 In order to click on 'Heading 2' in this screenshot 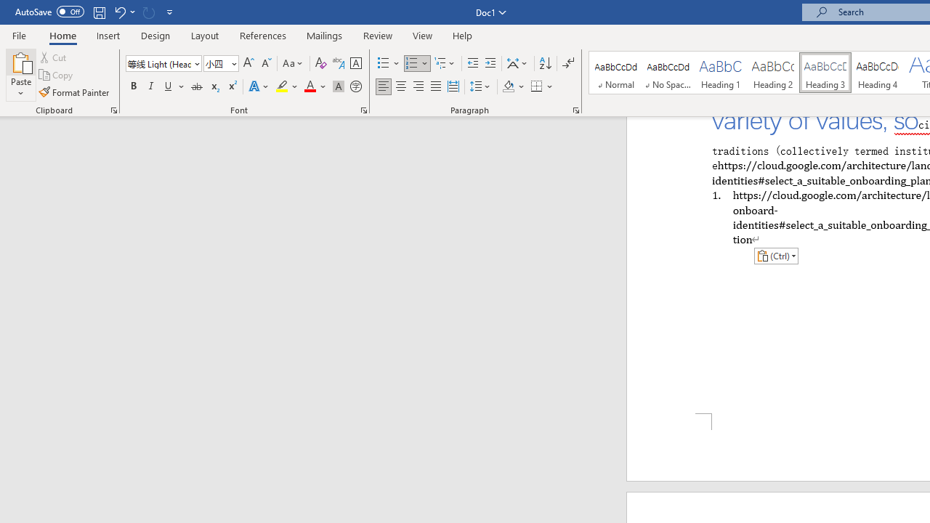, I will do `click(772, 73)`.